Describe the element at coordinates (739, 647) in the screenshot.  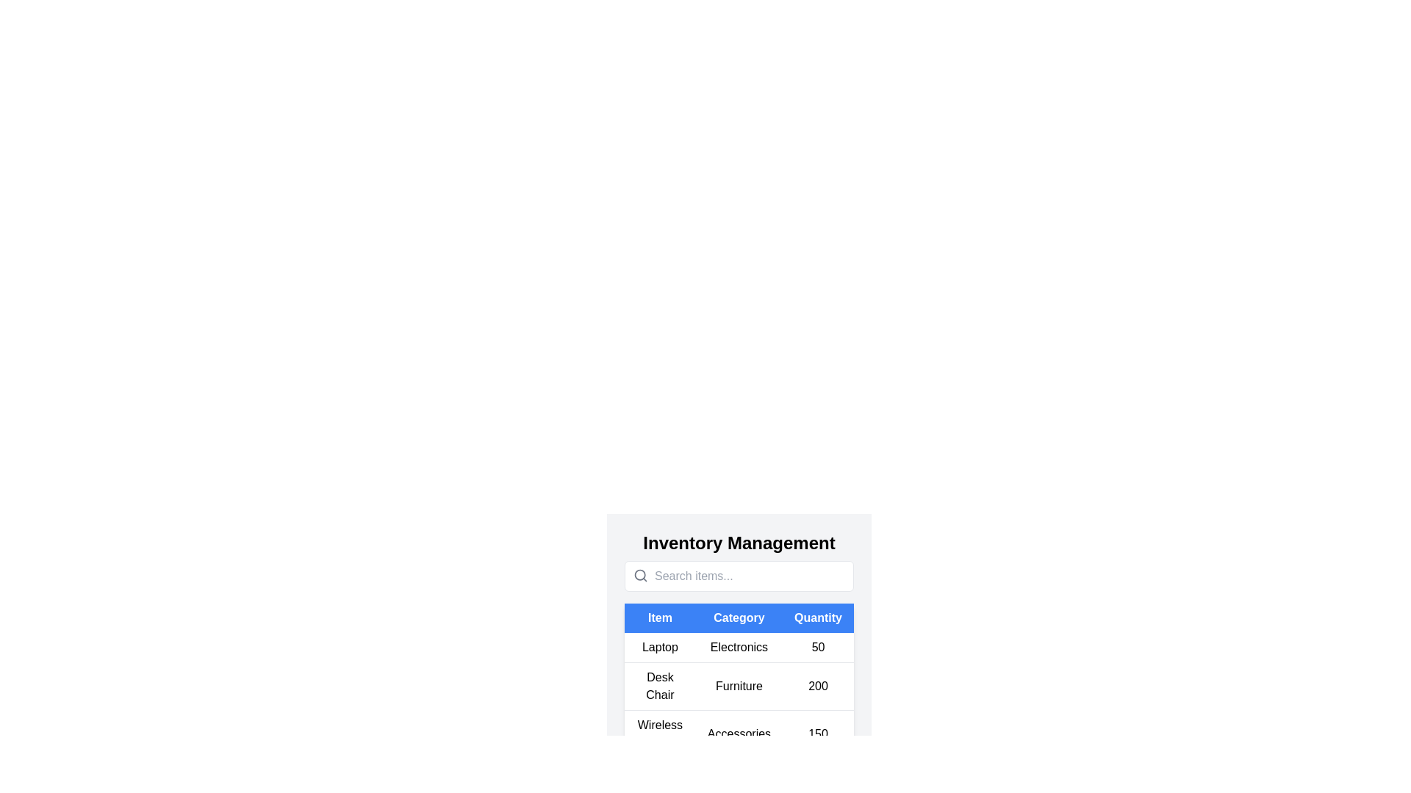
I see `the row corresponding to the item Laptop to view its details` at that location.